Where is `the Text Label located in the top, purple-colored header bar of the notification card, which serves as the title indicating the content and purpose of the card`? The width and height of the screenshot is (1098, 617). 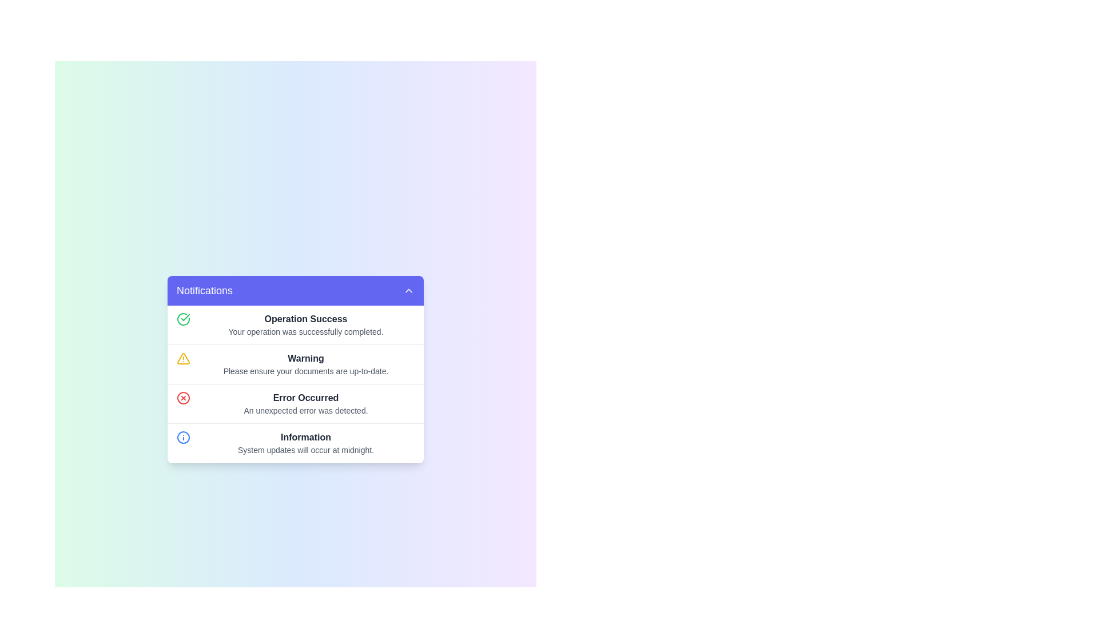
the Text Label located in the top, purple-colored header bar of the notification card, which serves as the title indicating the content and purpose of the card is located at coordinates (205, 290).